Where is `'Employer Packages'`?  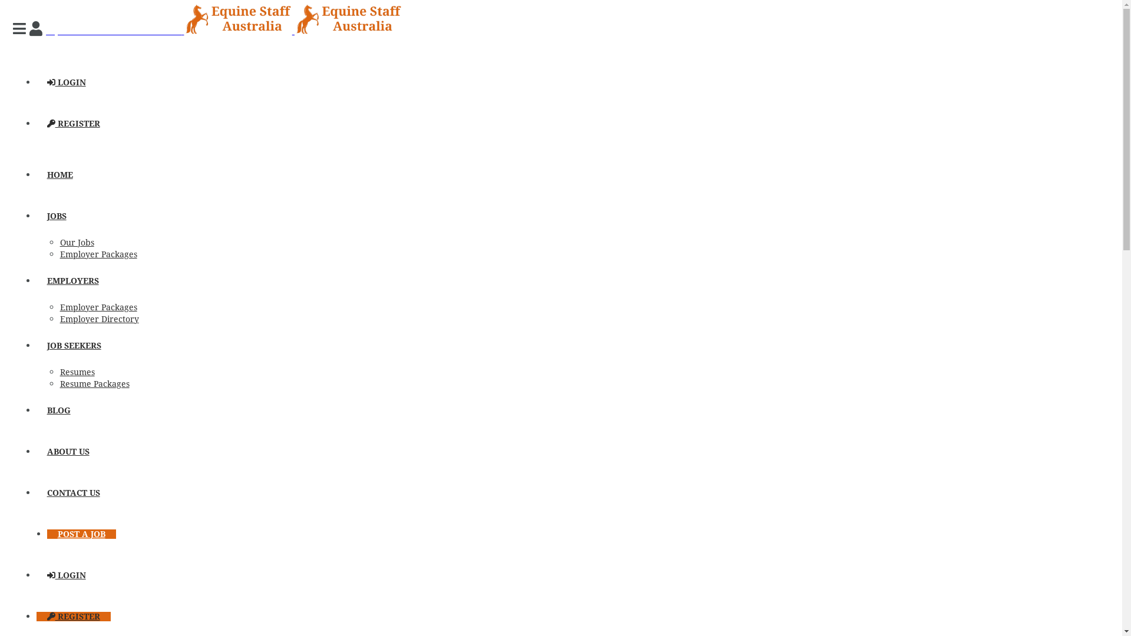 'Employer Packages' is located at coordinates (59, 306).